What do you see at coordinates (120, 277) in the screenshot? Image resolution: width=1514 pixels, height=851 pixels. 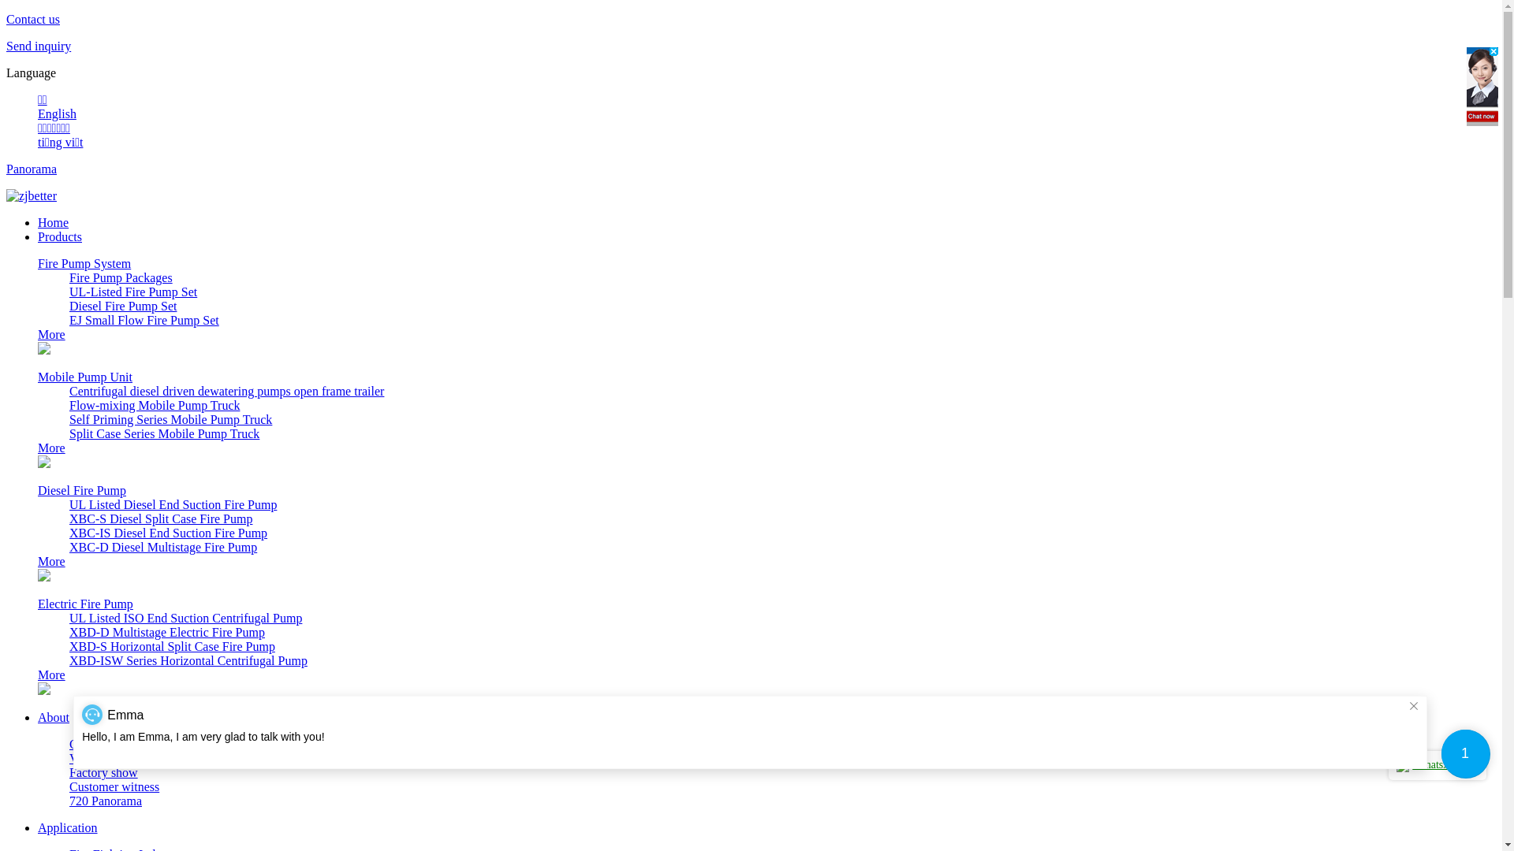 I see `'Fire Pump Packages'` at bounding box center [120, 277].